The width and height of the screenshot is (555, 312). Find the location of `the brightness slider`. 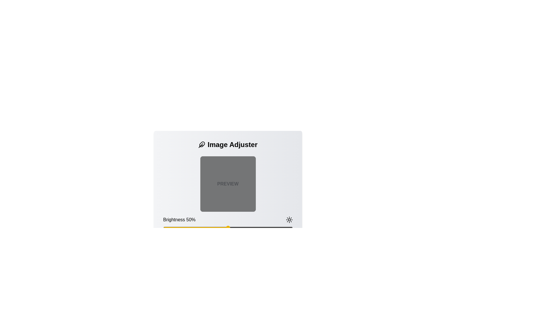

the brightness slider is located at coordinates (193, 250).